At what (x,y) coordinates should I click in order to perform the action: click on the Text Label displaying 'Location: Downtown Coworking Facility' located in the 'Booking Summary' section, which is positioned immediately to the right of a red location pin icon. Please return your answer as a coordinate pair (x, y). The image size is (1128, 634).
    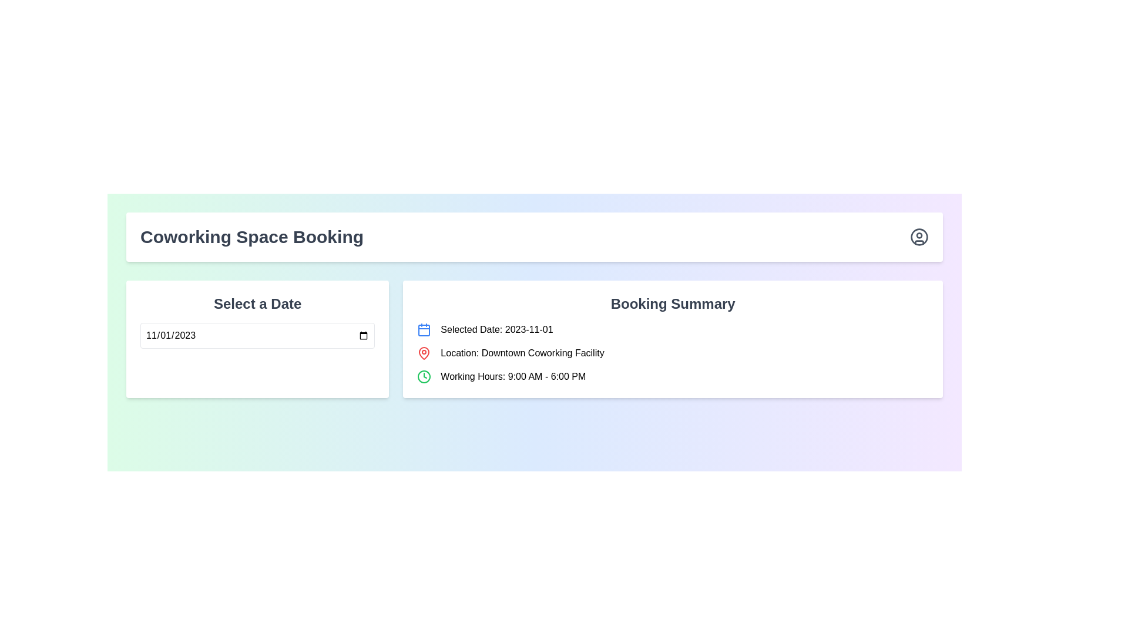
    Looking at the image, I should click on (522, 352).